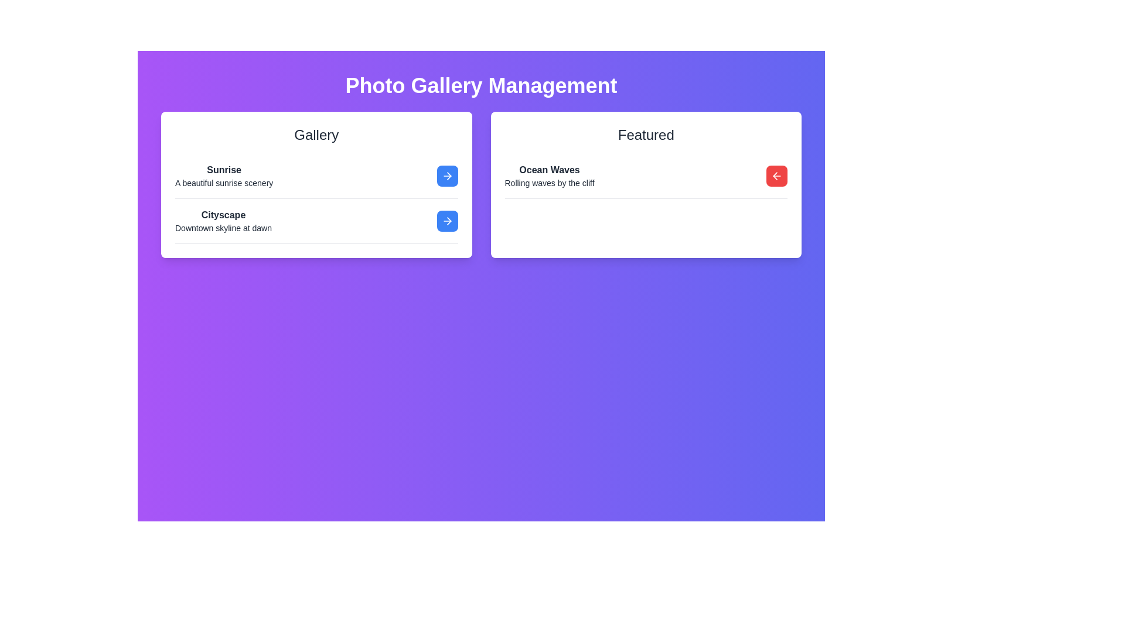 The image size is (1125, 632). I want to click on descriptive caption text label located directly below the title 'Cityscape' in the gallery section card, so click(223, 228).